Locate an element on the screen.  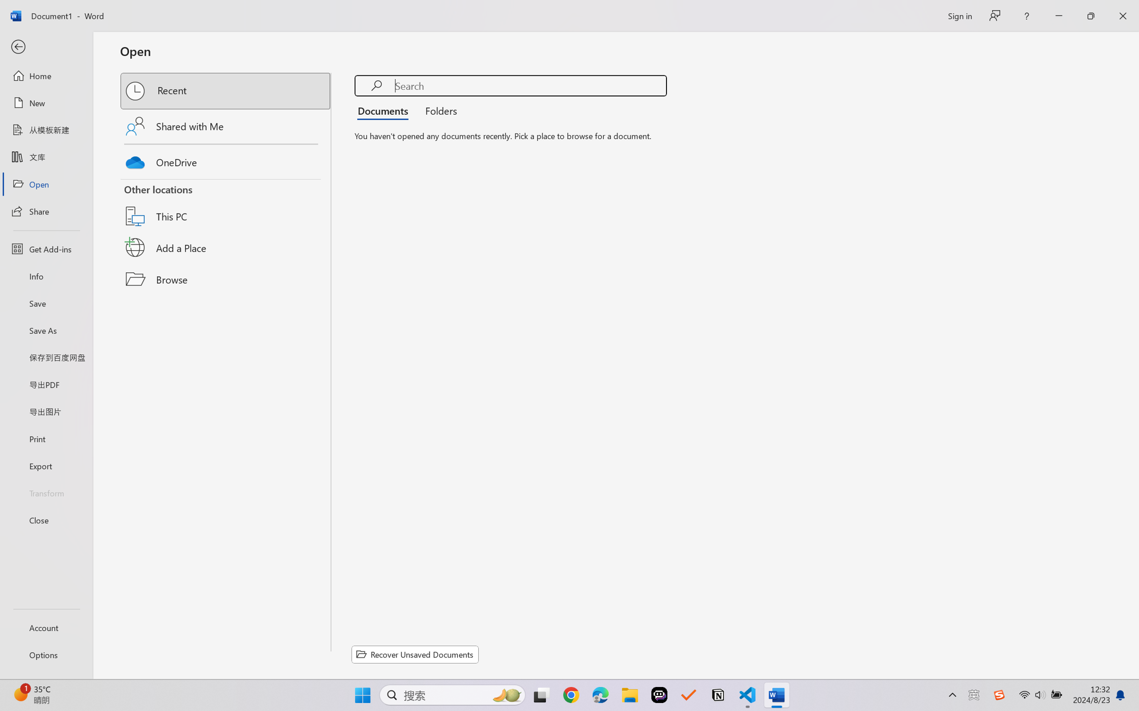
'OneDrive' is located at coordinates (226, 160).